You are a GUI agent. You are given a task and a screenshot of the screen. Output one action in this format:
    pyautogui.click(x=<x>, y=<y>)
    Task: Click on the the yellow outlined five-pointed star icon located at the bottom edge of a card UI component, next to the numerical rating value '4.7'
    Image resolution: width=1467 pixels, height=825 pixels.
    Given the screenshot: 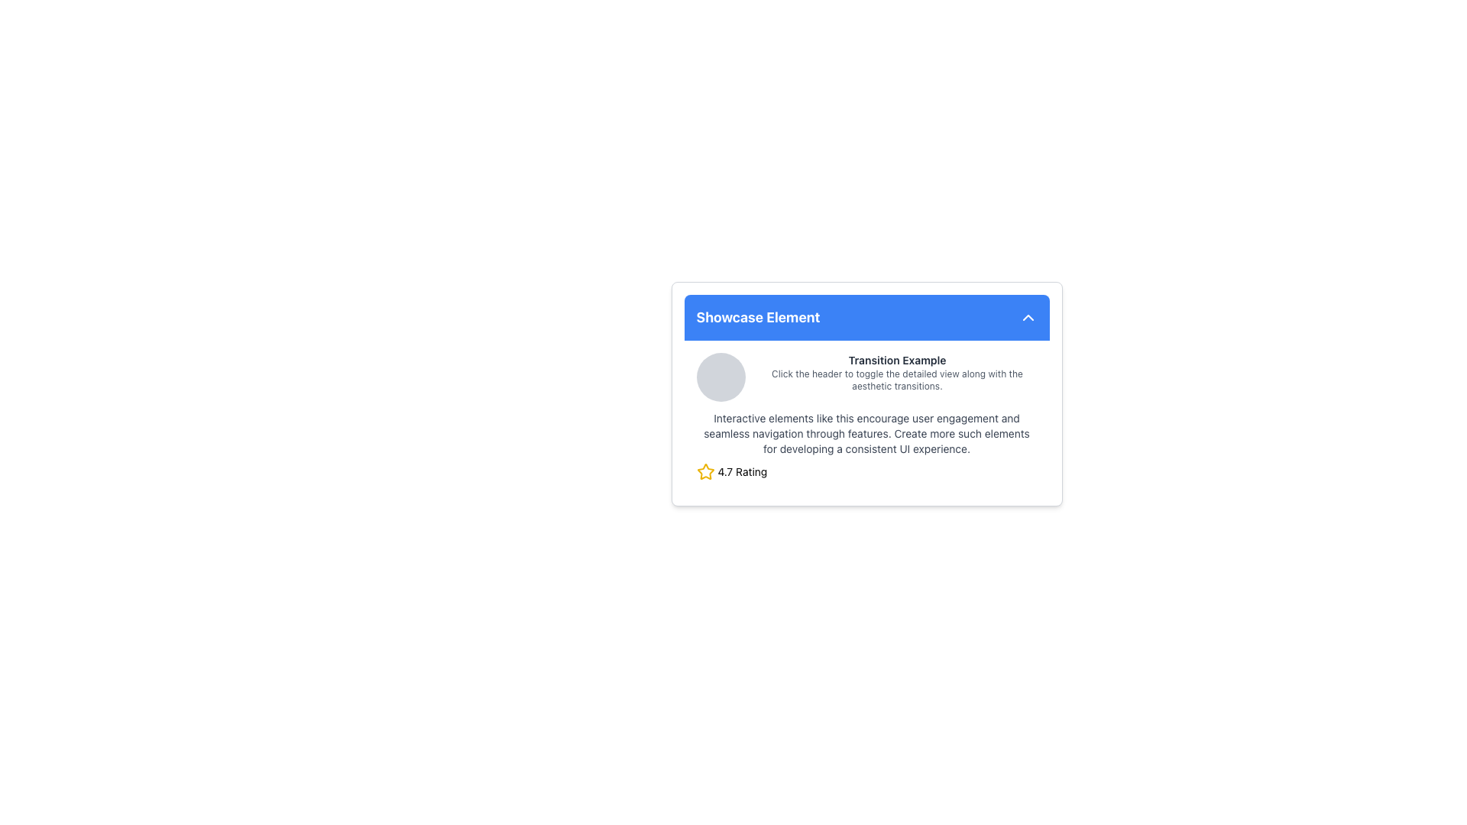 What is the action you would take?
    pyautogui.click(x=704, y=471)
    